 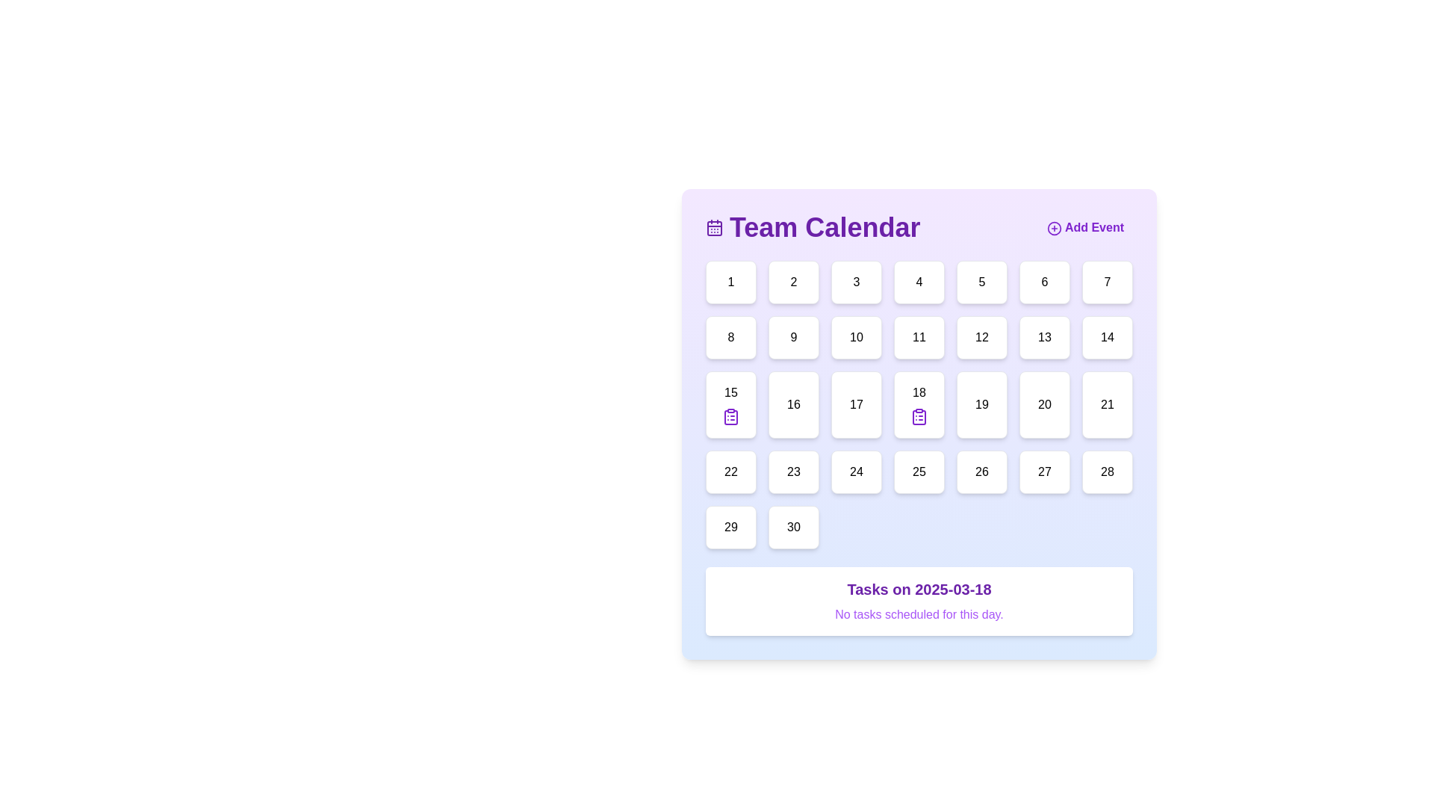 What do you see at coordinates (1108, 337) in the screenshot?
I see `the calendar date button representing the 14th day, located` at bounding box center [1108, 337].